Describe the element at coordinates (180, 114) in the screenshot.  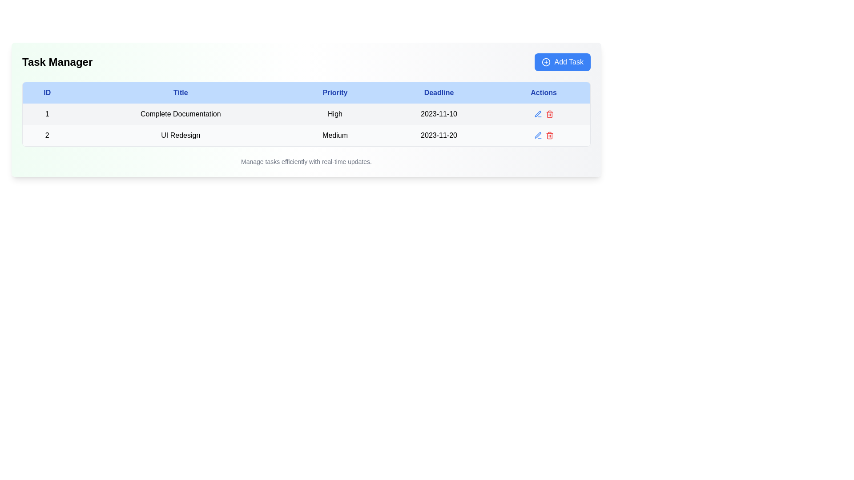
I see `the text label displaying 'Complete Documentation' located in the second column of row '1' in the table layout, positioned between the 'ID' and 'Priority' columns under the 'Title' header` at that location.